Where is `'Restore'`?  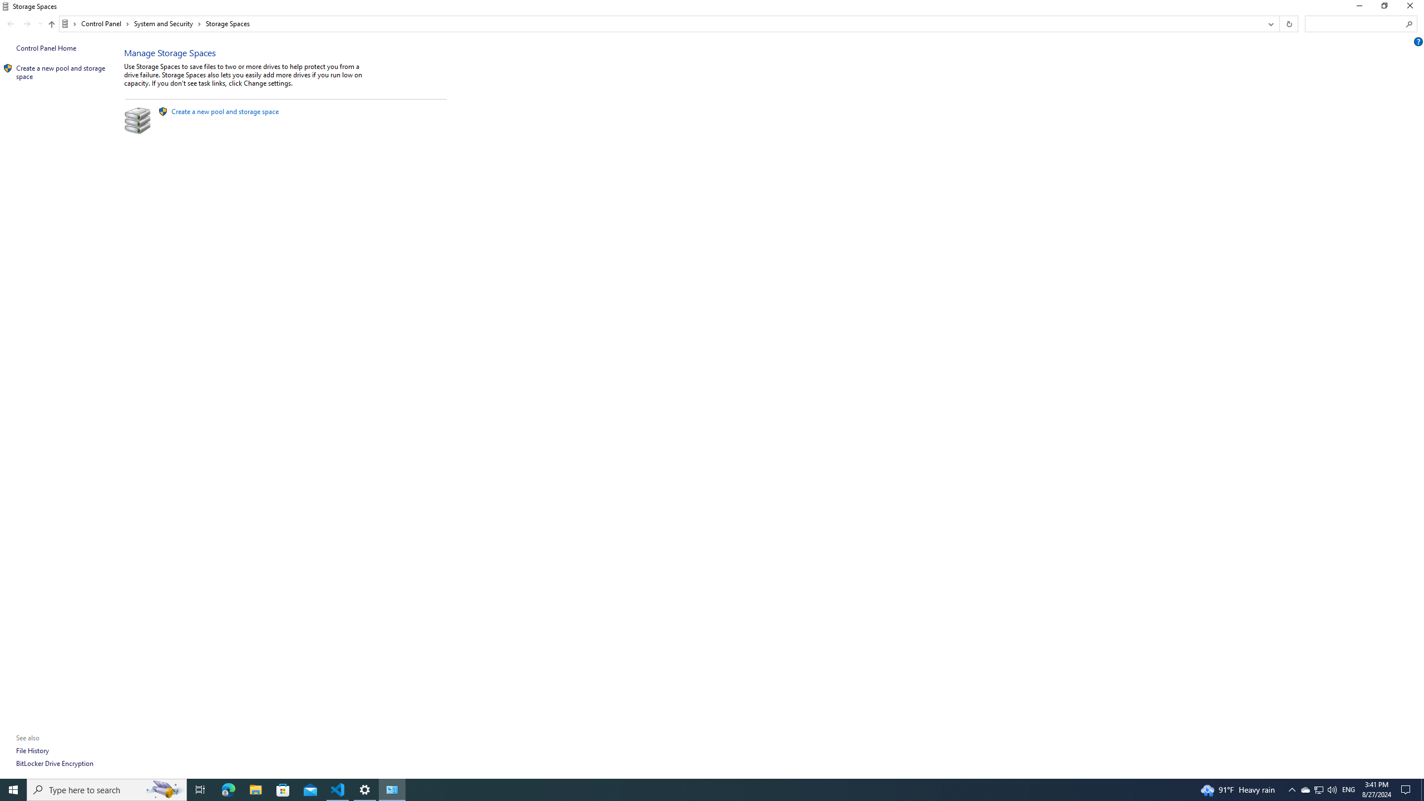
'Restore' is located at coordinates (1383, 8).